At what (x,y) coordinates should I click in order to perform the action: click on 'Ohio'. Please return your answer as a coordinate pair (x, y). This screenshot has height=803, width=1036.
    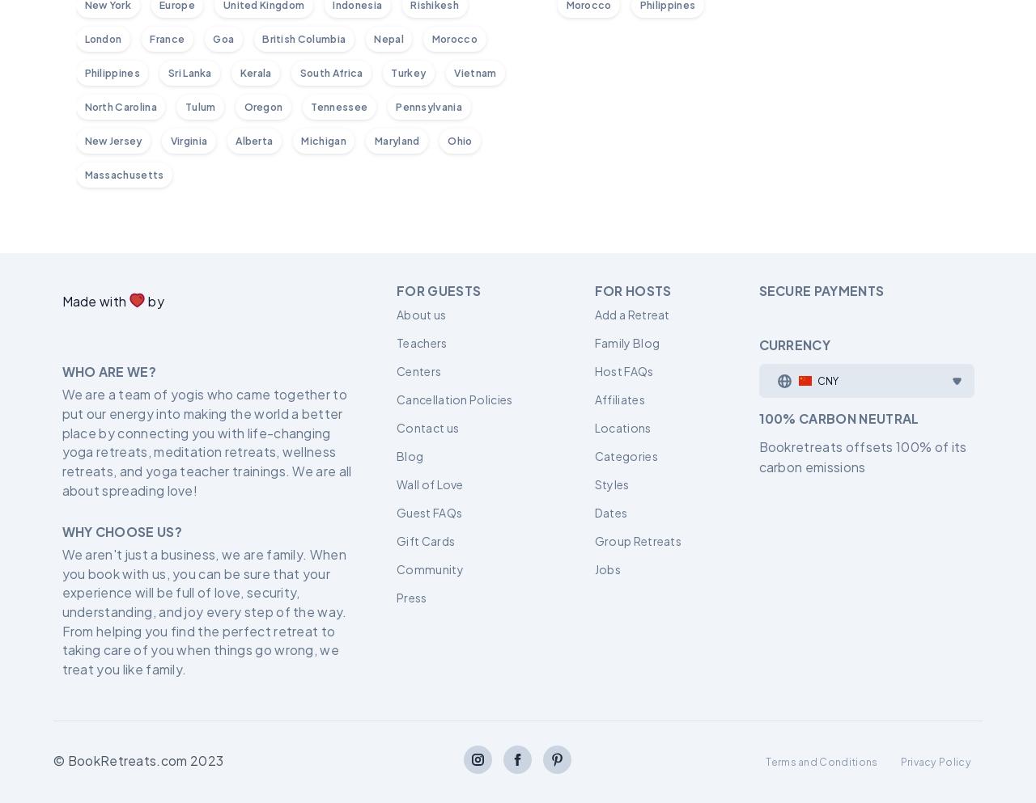
    Looking at the image, I should click on (458, 138).